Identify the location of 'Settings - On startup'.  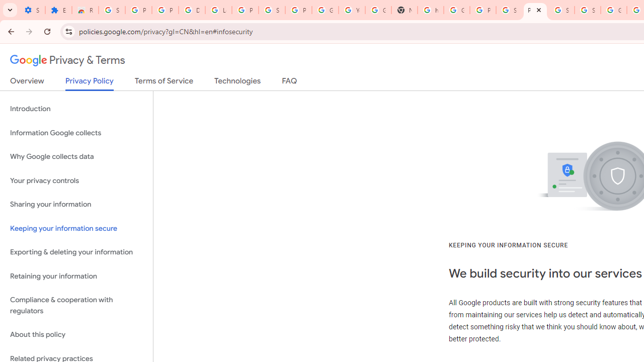
(32, 10).